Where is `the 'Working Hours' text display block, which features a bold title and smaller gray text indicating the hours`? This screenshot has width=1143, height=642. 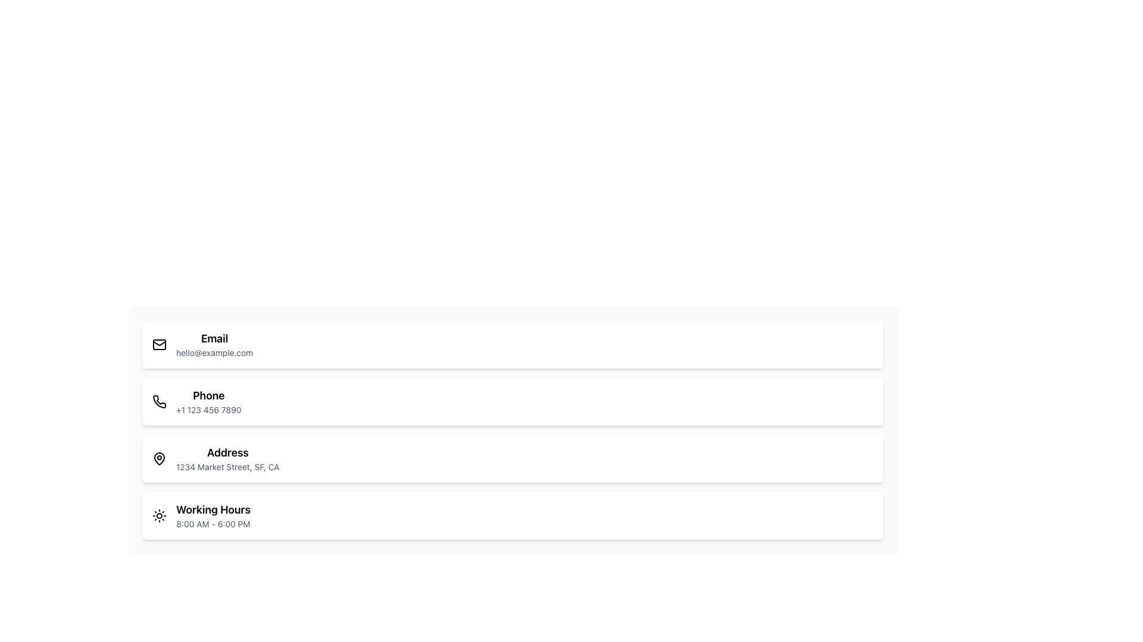 the 'Working Hours' text display block, which features a bold title and smaller gray text indicating the hours is located at coordinates (213, 515).